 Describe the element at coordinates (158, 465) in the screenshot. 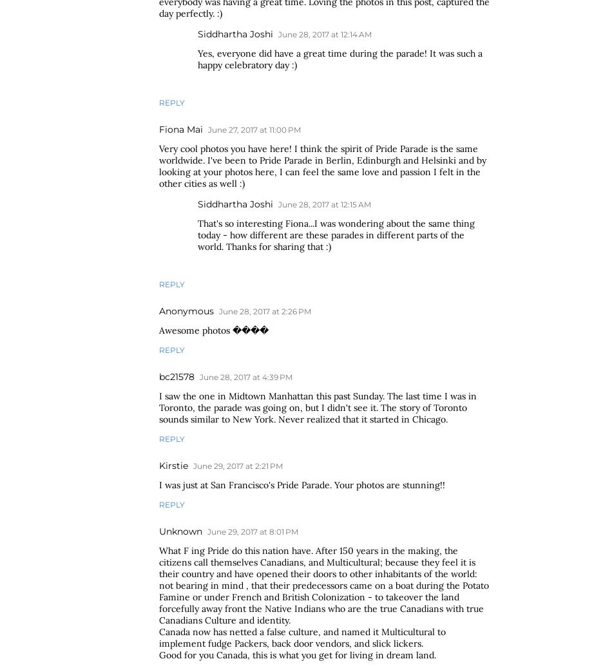

I see `'Kirstie'` at that location.